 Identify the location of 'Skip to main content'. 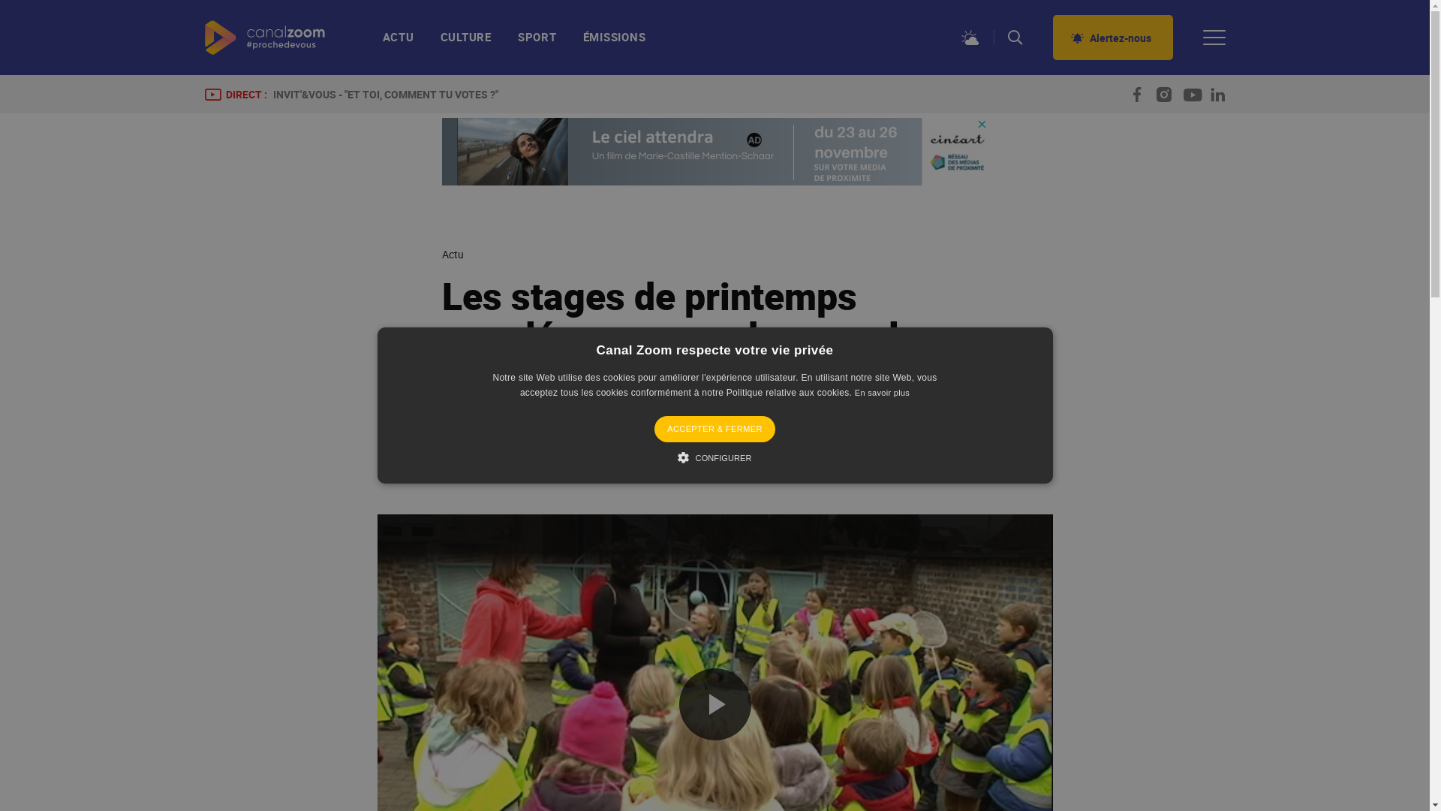
(0, 0).